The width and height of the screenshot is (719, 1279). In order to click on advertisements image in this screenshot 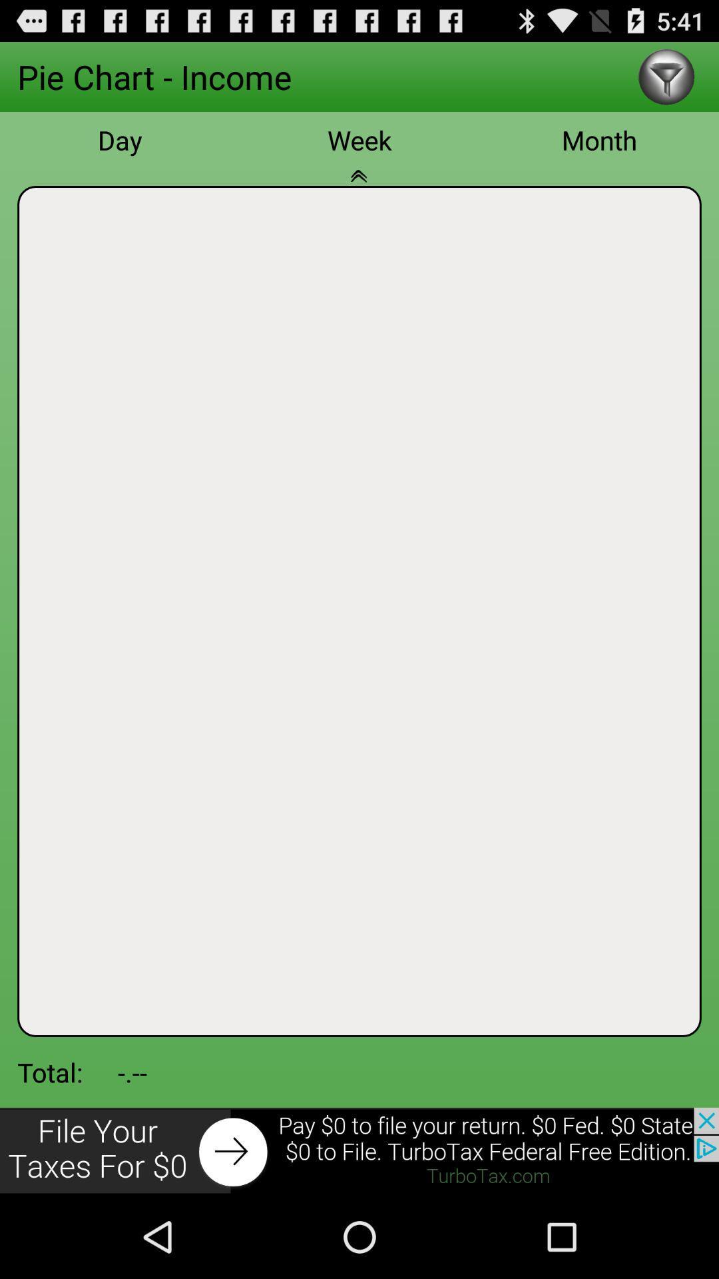, I will do `click(359, 1150)`.